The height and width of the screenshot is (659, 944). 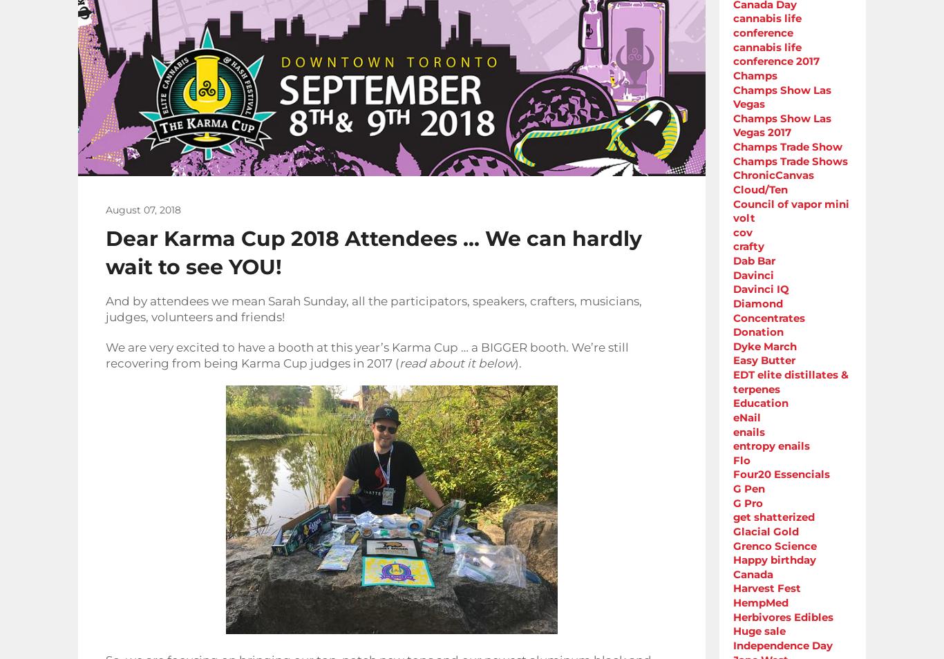 What do you see at coordinates (771, 445) in the screenshot?
I see `'entropy enails'` at bounding box center [771, 445].